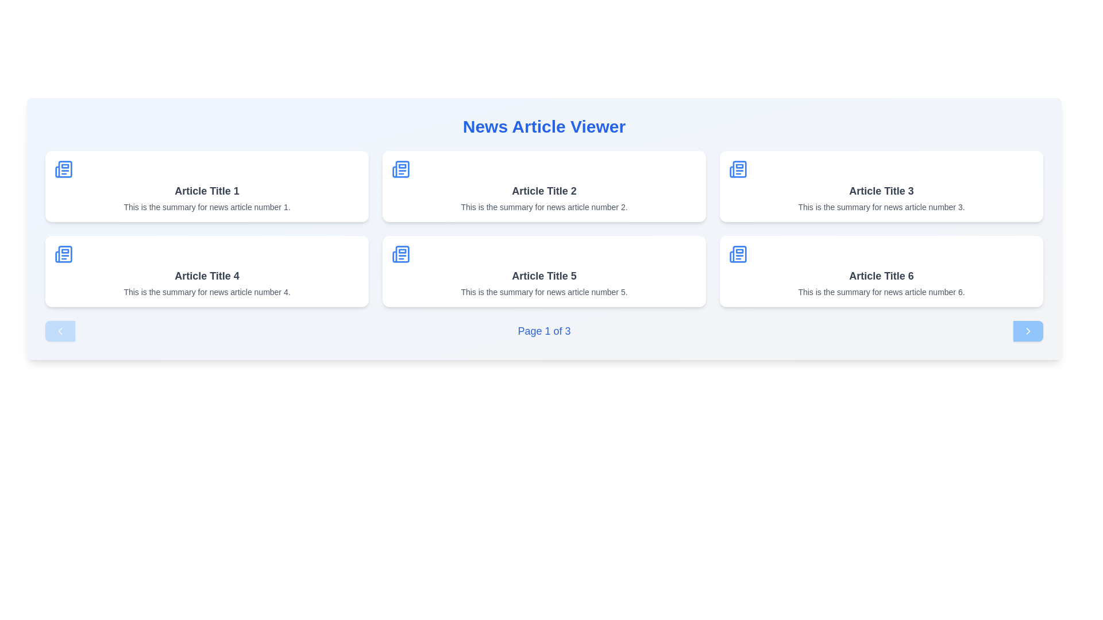  Describe the element at coordinates (881, 185) in the screenshot. I see `summary text from the article preview card located in the first row, third column of the grid layout` at that location.